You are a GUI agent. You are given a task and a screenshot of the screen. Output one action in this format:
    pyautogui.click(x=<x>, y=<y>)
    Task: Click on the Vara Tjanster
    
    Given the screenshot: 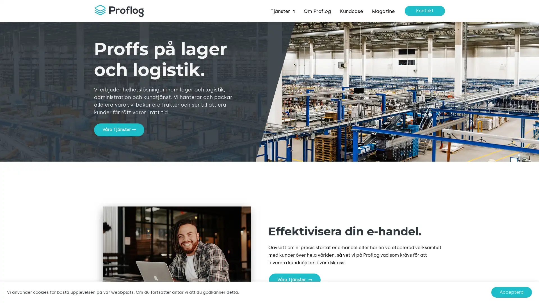 What is the action you would take?
    pyautogui.click(x=119, y=130)
    